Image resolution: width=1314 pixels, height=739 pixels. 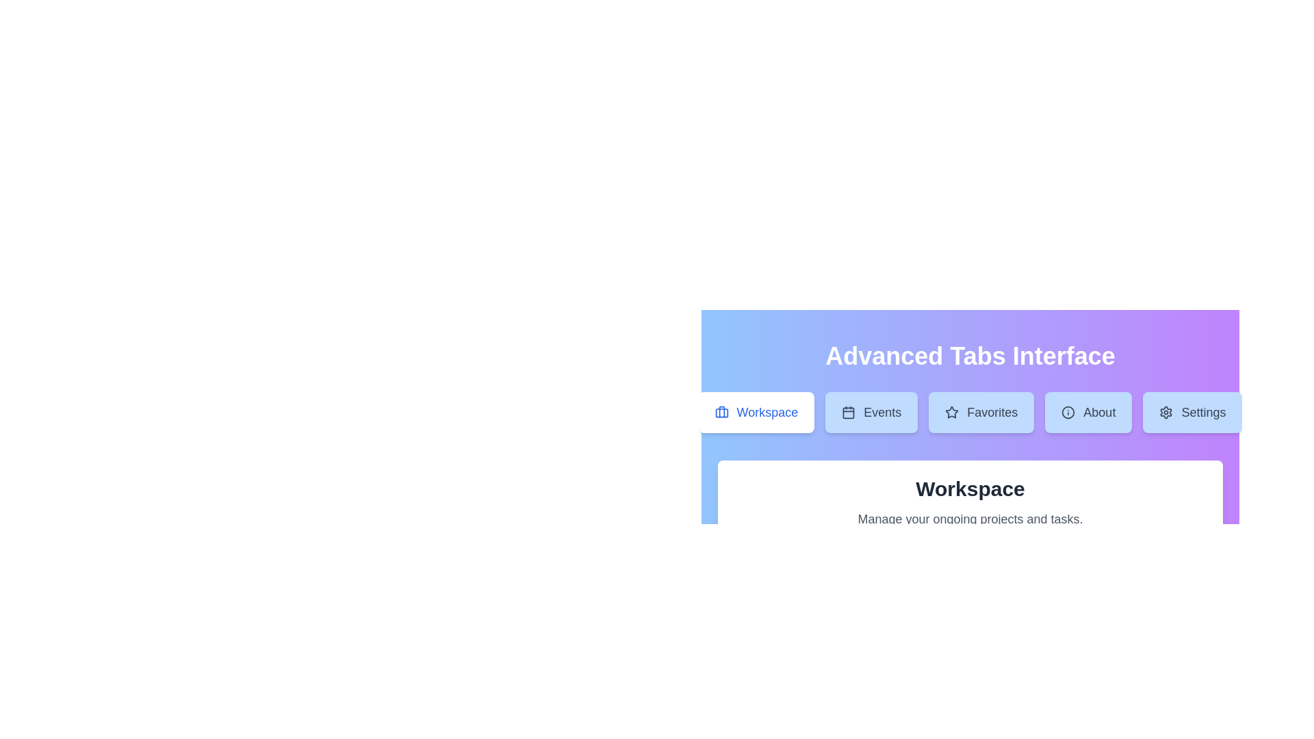 I want to click on the central cogwheel design of the 'Settings' button located at the far right of the horizontal navigation menu, so click(x=1165, y=411).